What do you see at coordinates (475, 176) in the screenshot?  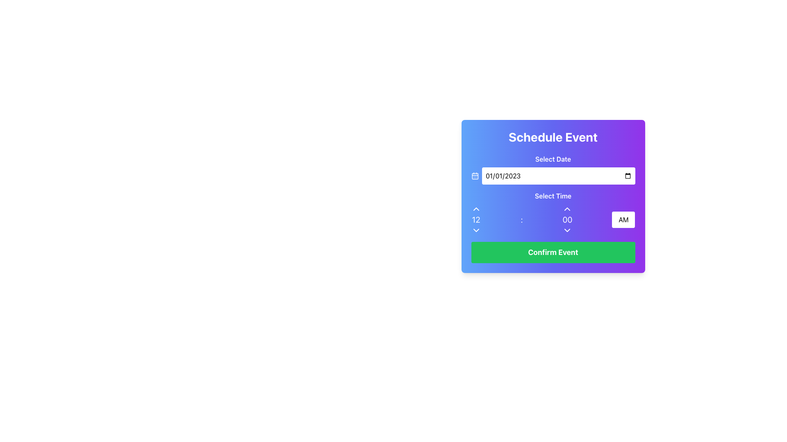 I see `the calendar icon graphic element which indicates the purpose of the adjacent 'Select Date' input field in the 'Schedule Event' section` at bounding box center [475, 176].